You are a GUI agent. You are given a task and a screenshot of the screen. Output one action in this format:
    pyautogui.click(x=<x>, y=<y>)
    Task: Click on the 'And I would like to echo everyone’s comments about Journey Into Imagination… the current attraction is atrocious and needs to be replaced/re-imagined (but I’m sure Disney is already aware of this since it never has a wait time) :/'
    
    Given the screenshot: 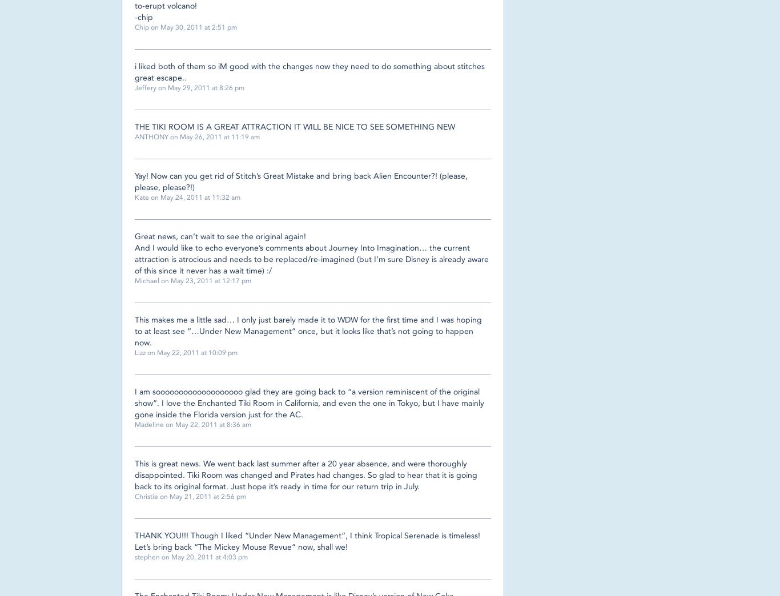 What is the action you would take?
    pyautogui.click(x=311, y=259)
    